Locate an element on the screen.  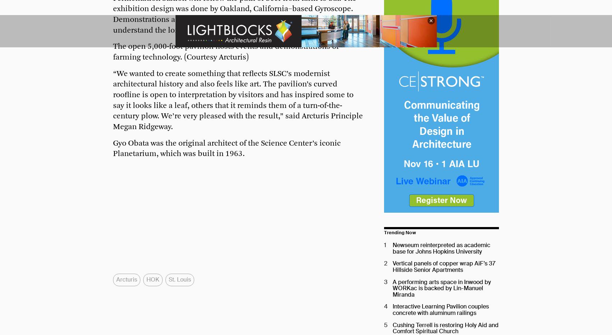
'A performing arts space in Inwood by WORKac is backed by Lin-Manuel Miranda' is located at coordinates (442, 288).